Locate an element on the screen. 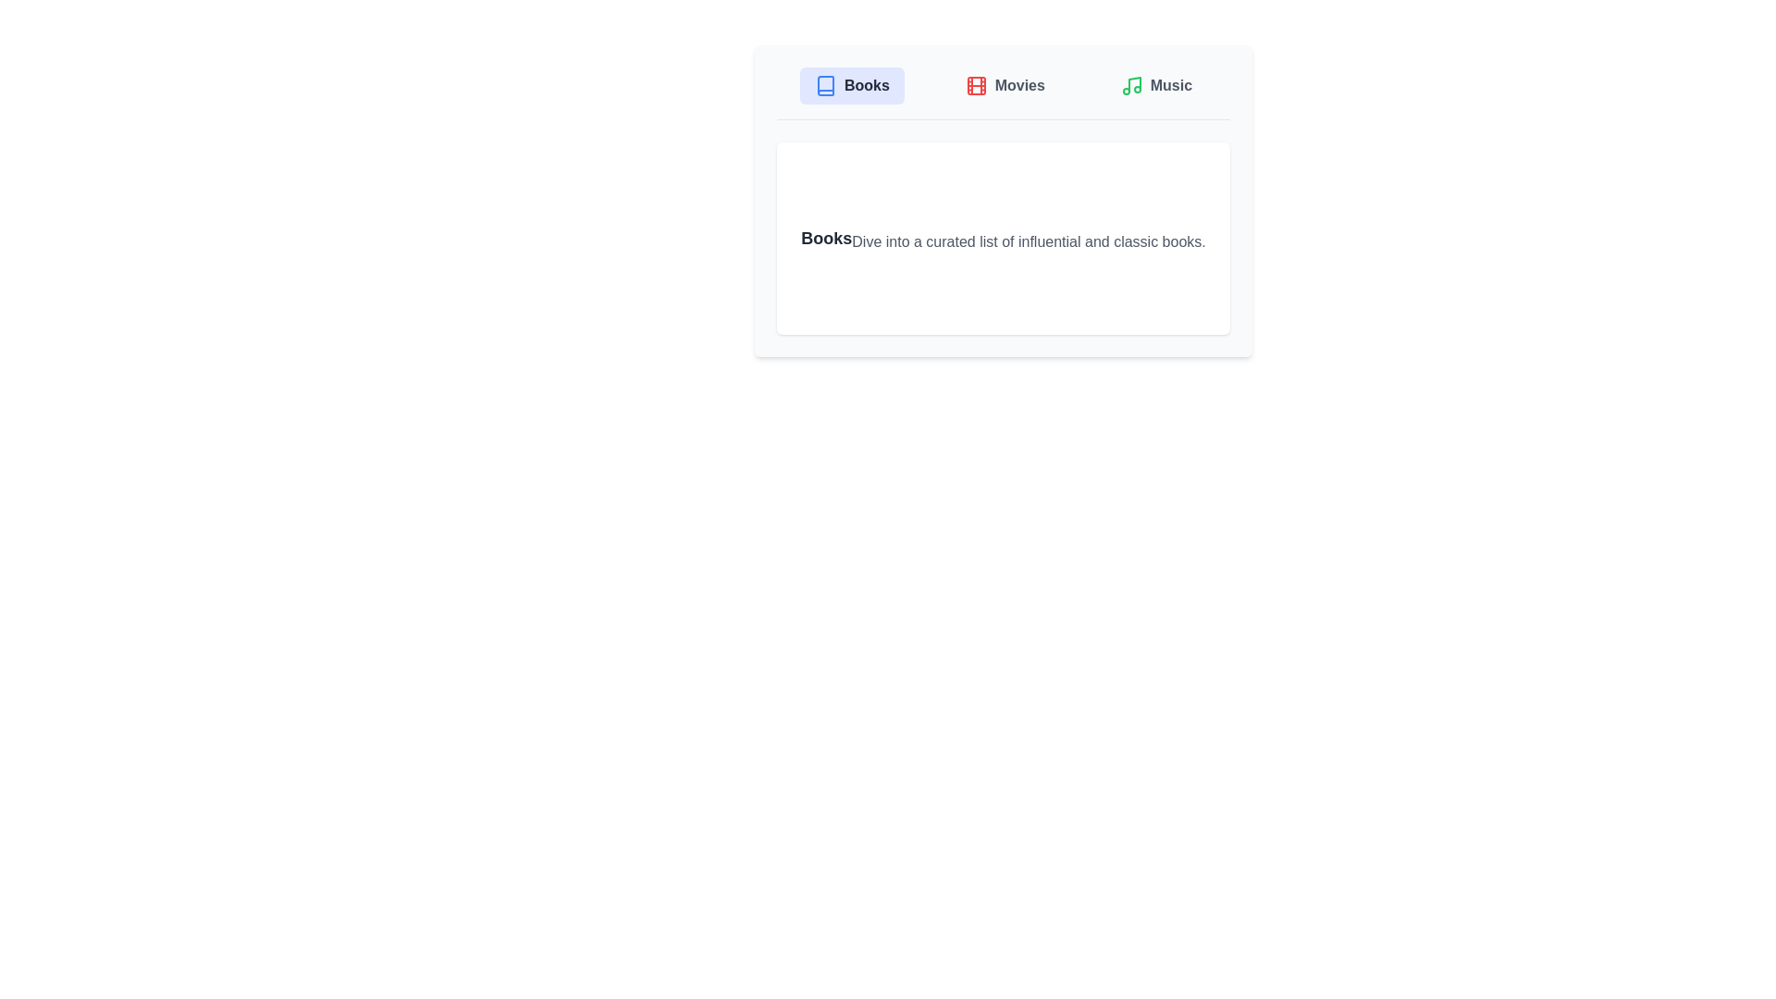 The width and height of the screenshot is (1776, 999). the Books tab by clicking on its button is located at coordinates (851, 85).